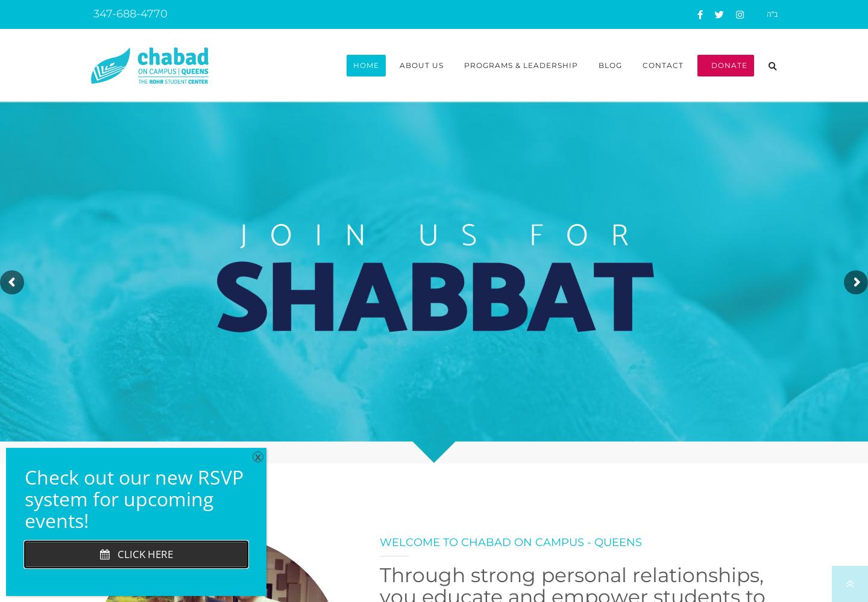  Describe the element at coordinates (510, 542) in the screenshot. I see `'WELCOME TO CHABAD ON CAMPUS - QUEENS'` at that location.